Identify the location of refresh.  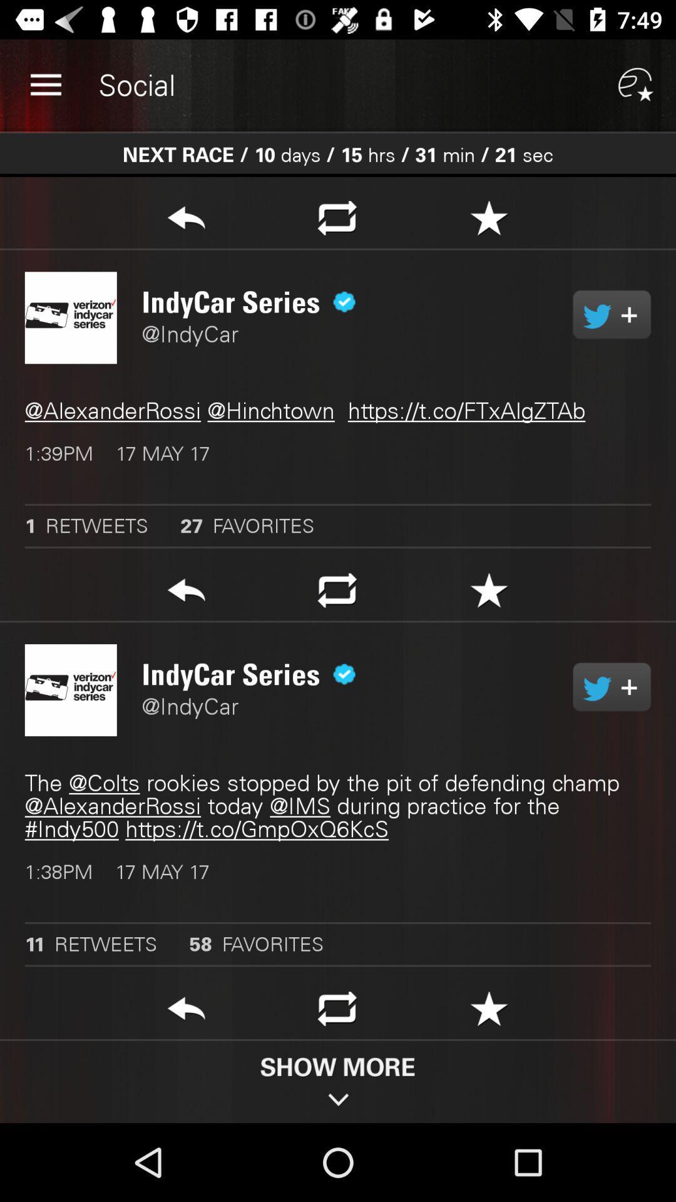
(337, 1012).